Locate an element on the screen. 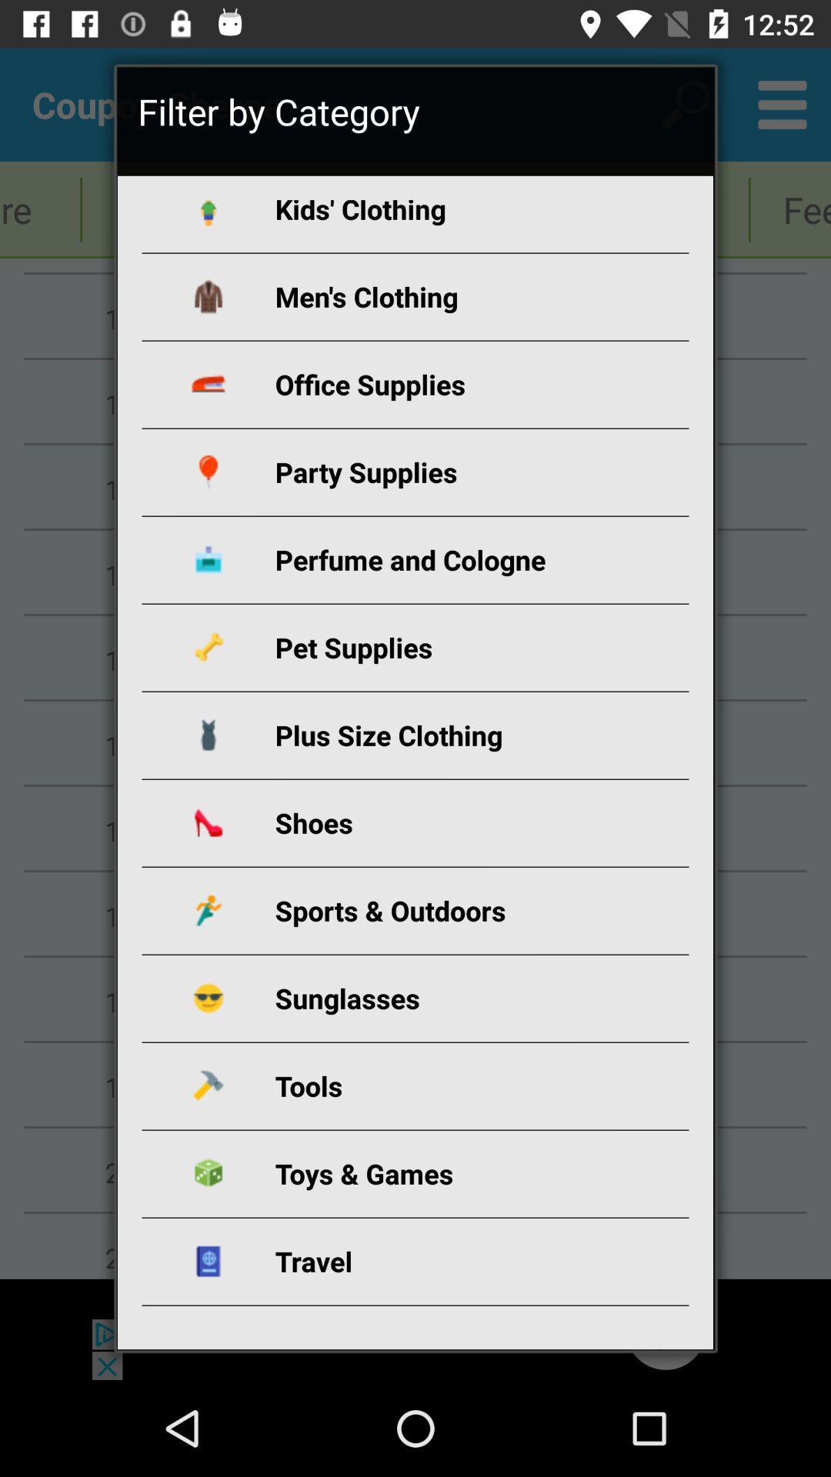 Image resolution: width=831 pixels, height=1477 pixels. sports & outdoors is located at coordinates (433, 910).